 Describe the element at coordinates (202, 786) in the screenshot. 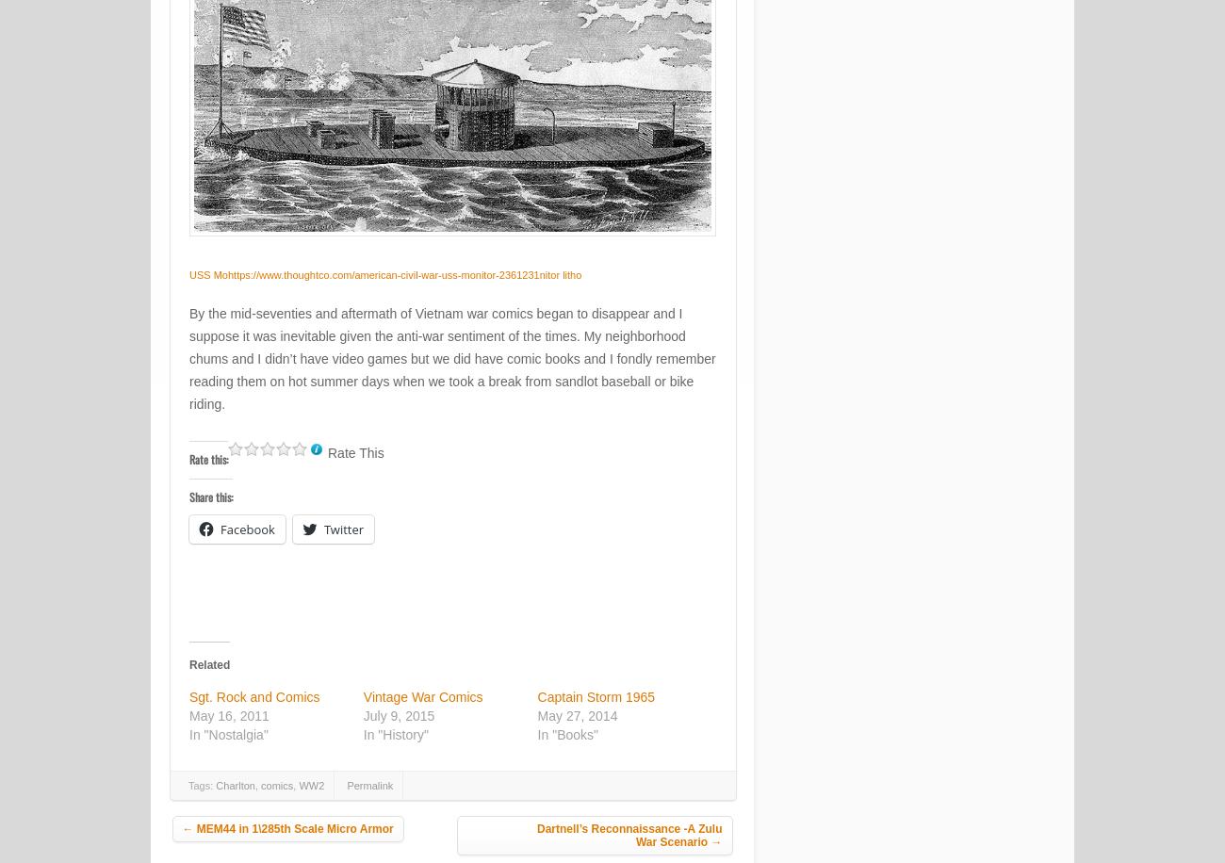

I see `'Tags:'` at that location.